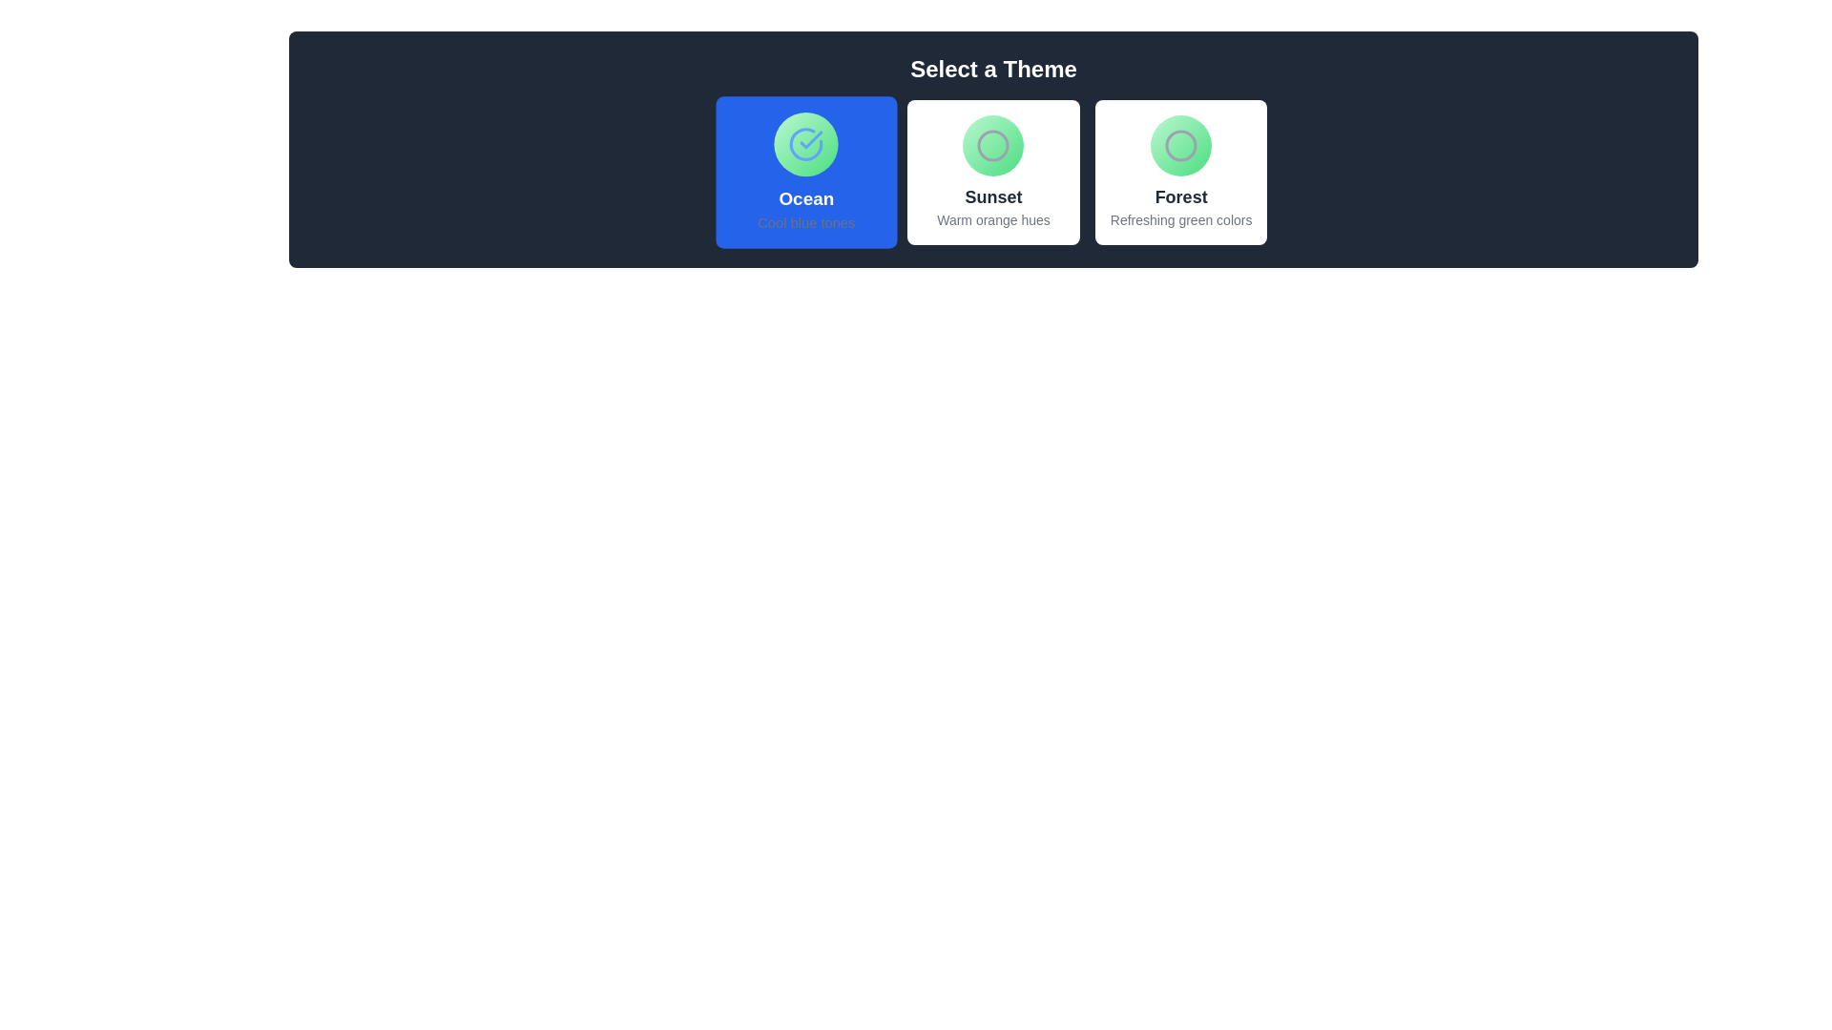 This screenshot has height=1030, width=1832. I want to click on the static text element displaying the word 'Ocean', which is styled in a bold font and located centrally within a blue-themed card-like component, so click(805, 198).